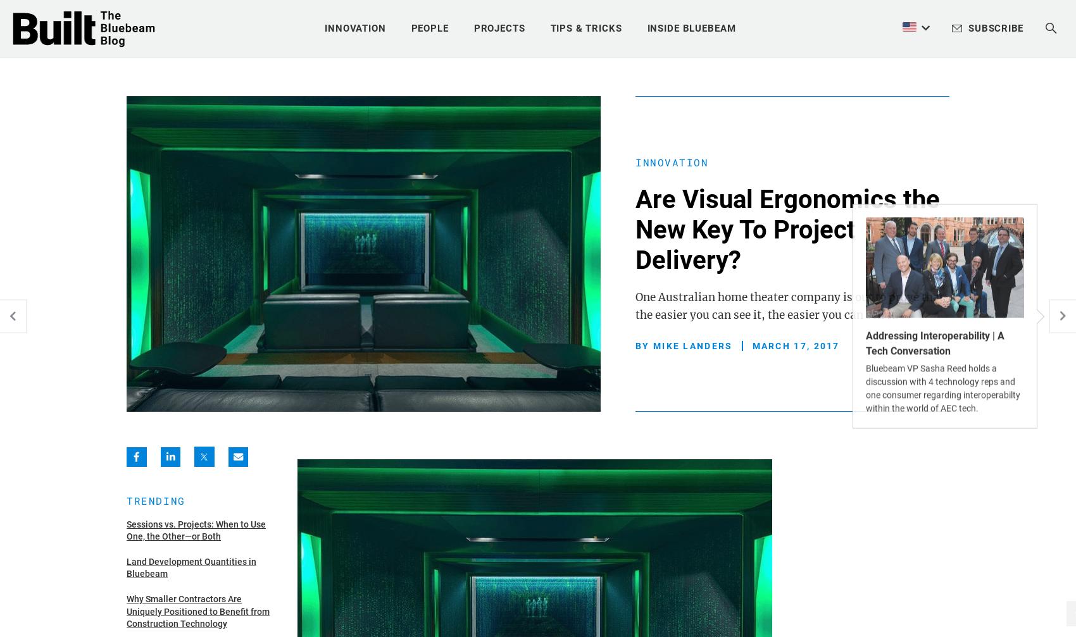  What do you see at coordinates (787, 229) in the screenshot?
I see `'Are Visual Ergonomics the New Key To Project Delivery?'` at bounding box center [787, 229].